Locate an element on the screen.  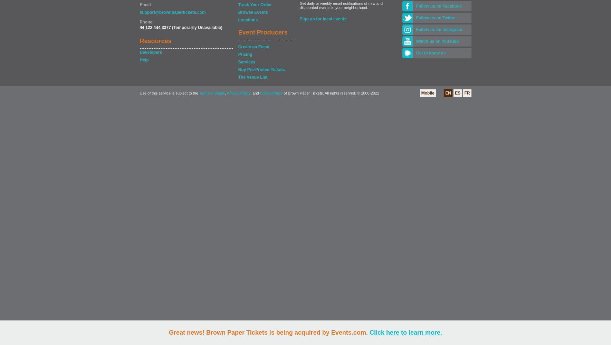
'Locations' is located at coordinates (247, 20).